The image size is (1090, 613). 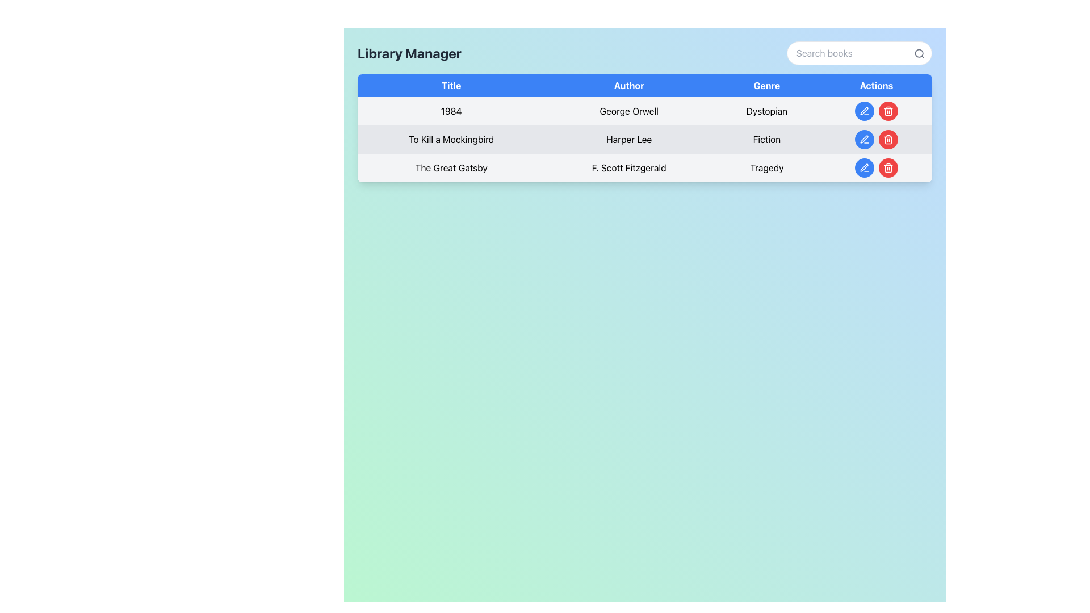 I want to click on the blue rounded button with a white pen icon in the actions column of the row for the book 'To Kill a Mockingbird', so click(x=863, y=139).